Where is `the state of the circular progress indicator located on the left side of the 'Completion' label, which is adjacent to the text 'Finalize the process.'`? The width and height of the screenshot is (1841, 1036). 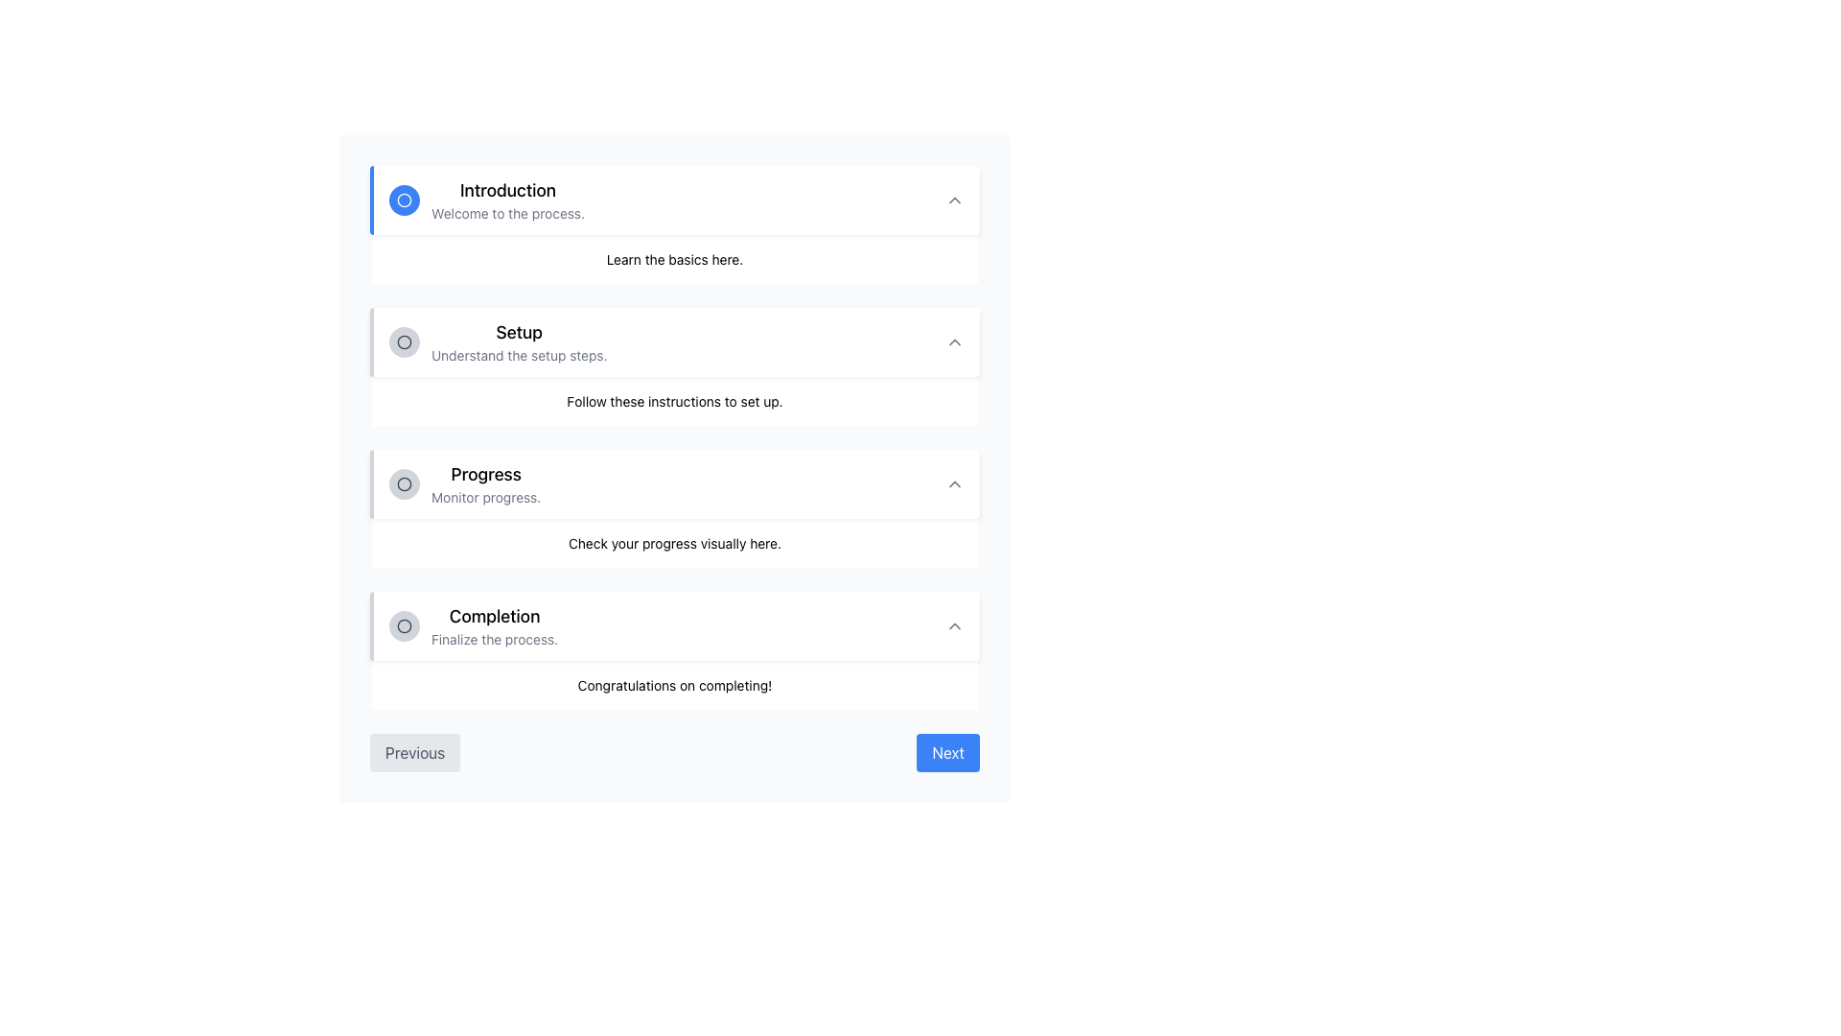 the state of the circular progress indicator located on the left side of the 'Completion' label, which is adjacent to the text 'Finalize the process.' is located at coordinates (404, 625).